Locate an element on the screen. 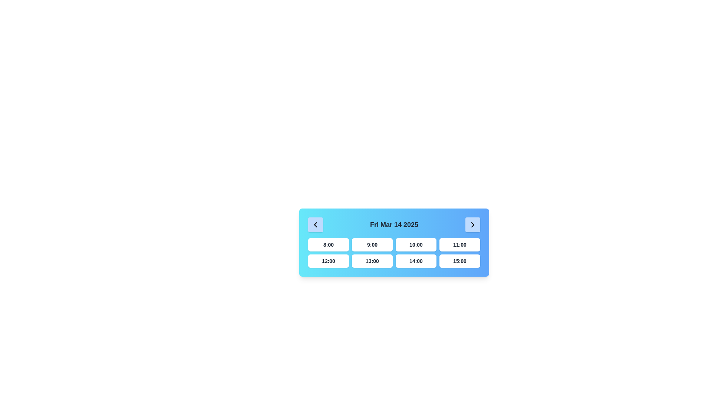 This screenshot has height=400, width=712. the button containing the rightward chevron icon, which has a light blue background and is located in the top-right corner of the toolbar is located at coordinates (472, 224).